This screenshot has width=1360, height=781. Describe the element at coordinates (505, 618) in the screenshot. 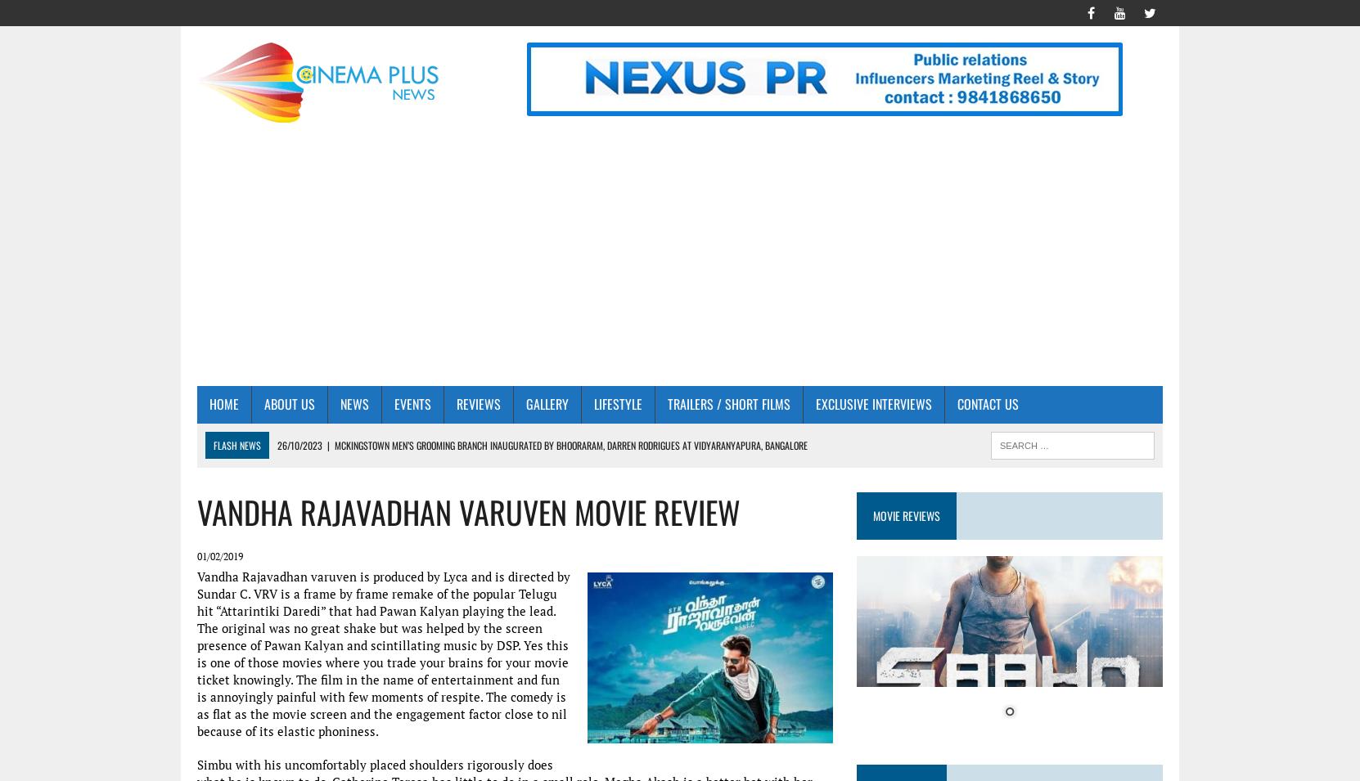

I see `'Page 3 Luxury Salon and Makeover Studio – Mogappair First year celebrations graced by Actress Aishwarya Rajesh, Mrs.Veena Kumaravel & Mrs.Meenakshi'` at that location.